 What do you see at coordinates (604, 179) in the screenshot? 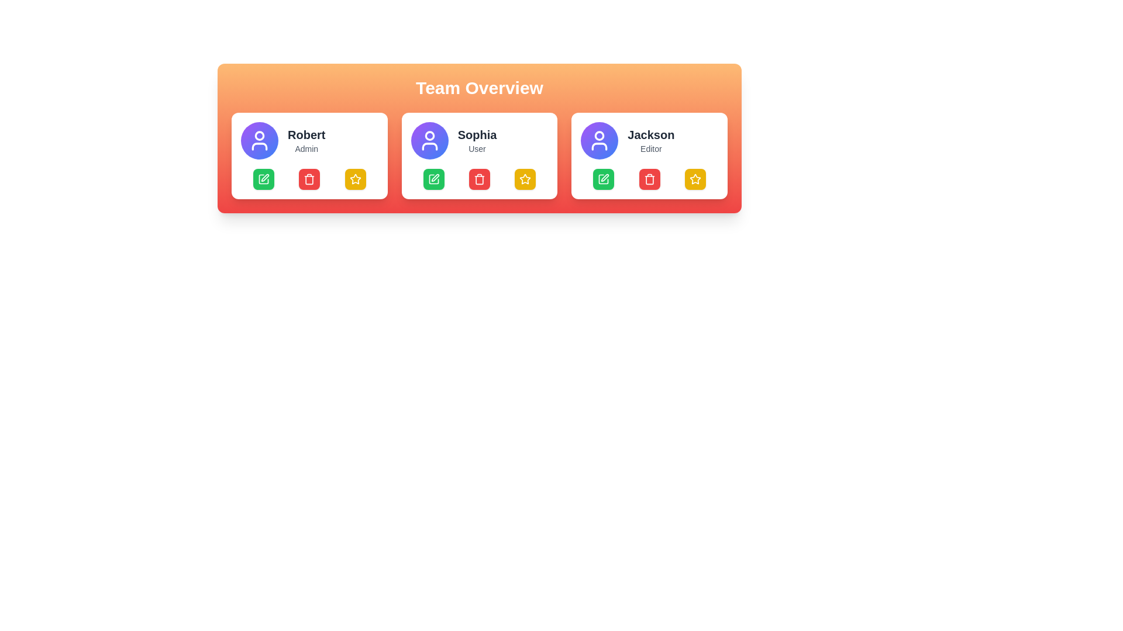
I see `the edit button for 'Jackson', which is located at the lower section of the third card and features a pen icon, to observe its color change` at bounding box center [604, 179].